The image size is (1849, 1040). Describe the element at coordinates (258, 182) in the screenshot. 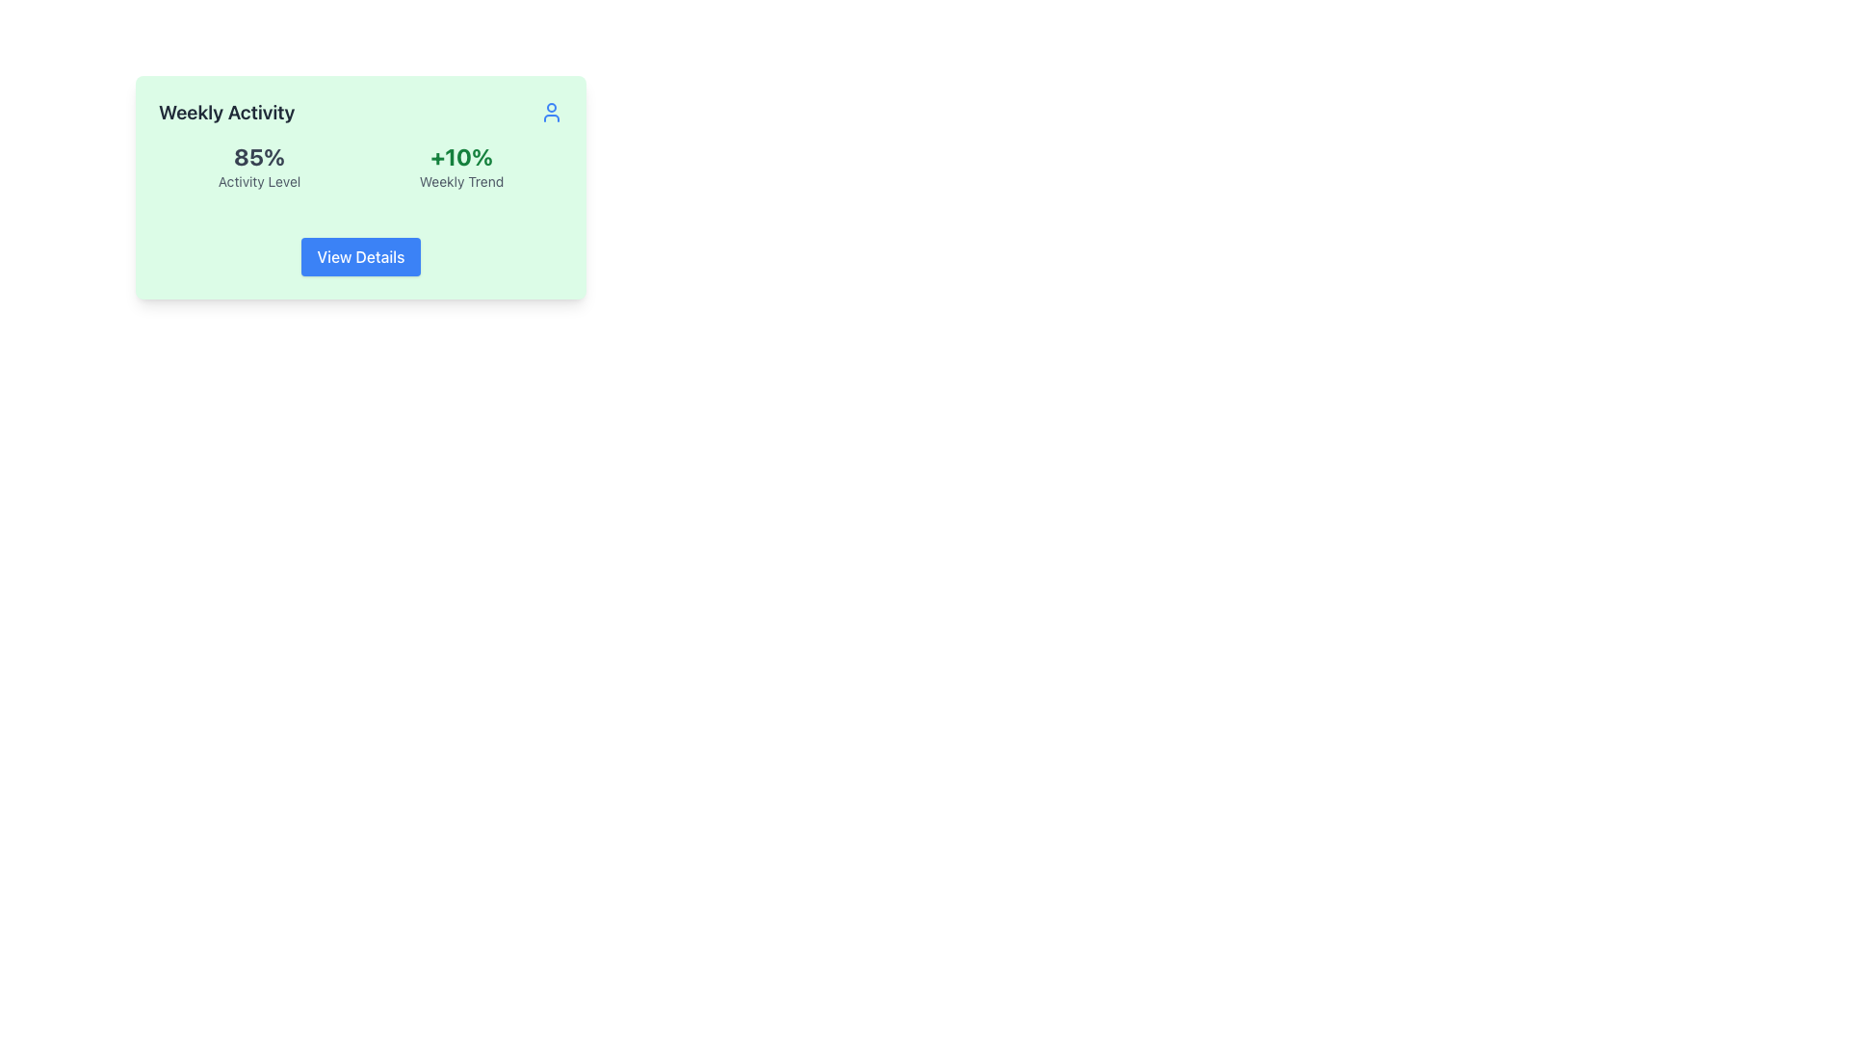

I see `the label element that provides context for the numeric value '85%' located within the 'Weekly Activity' card` at that location.